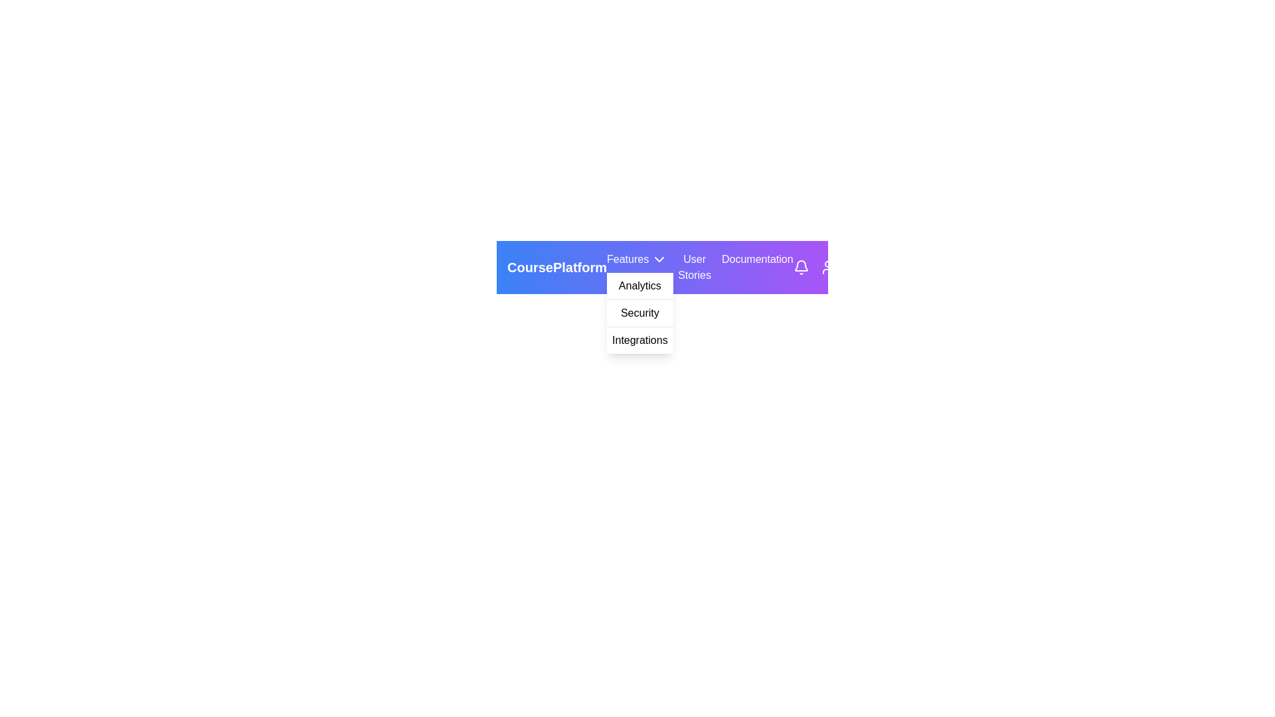 The width and height of the screenshot is (1275, 717). Describe the element at coordinates (639, 313) in the screenshot. I see `the 'Security' option in the dropdown menu under the 'Features' category located in the header of the interface` at that location.